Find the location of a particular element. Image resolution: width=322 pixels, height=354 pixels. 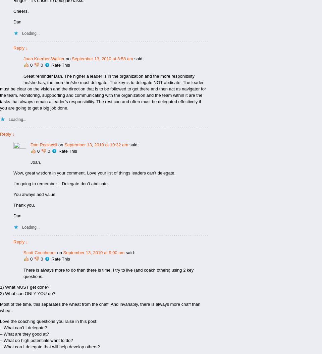

'September 13, 2010 at 10:32 am' is located at coordinates (96, 144).